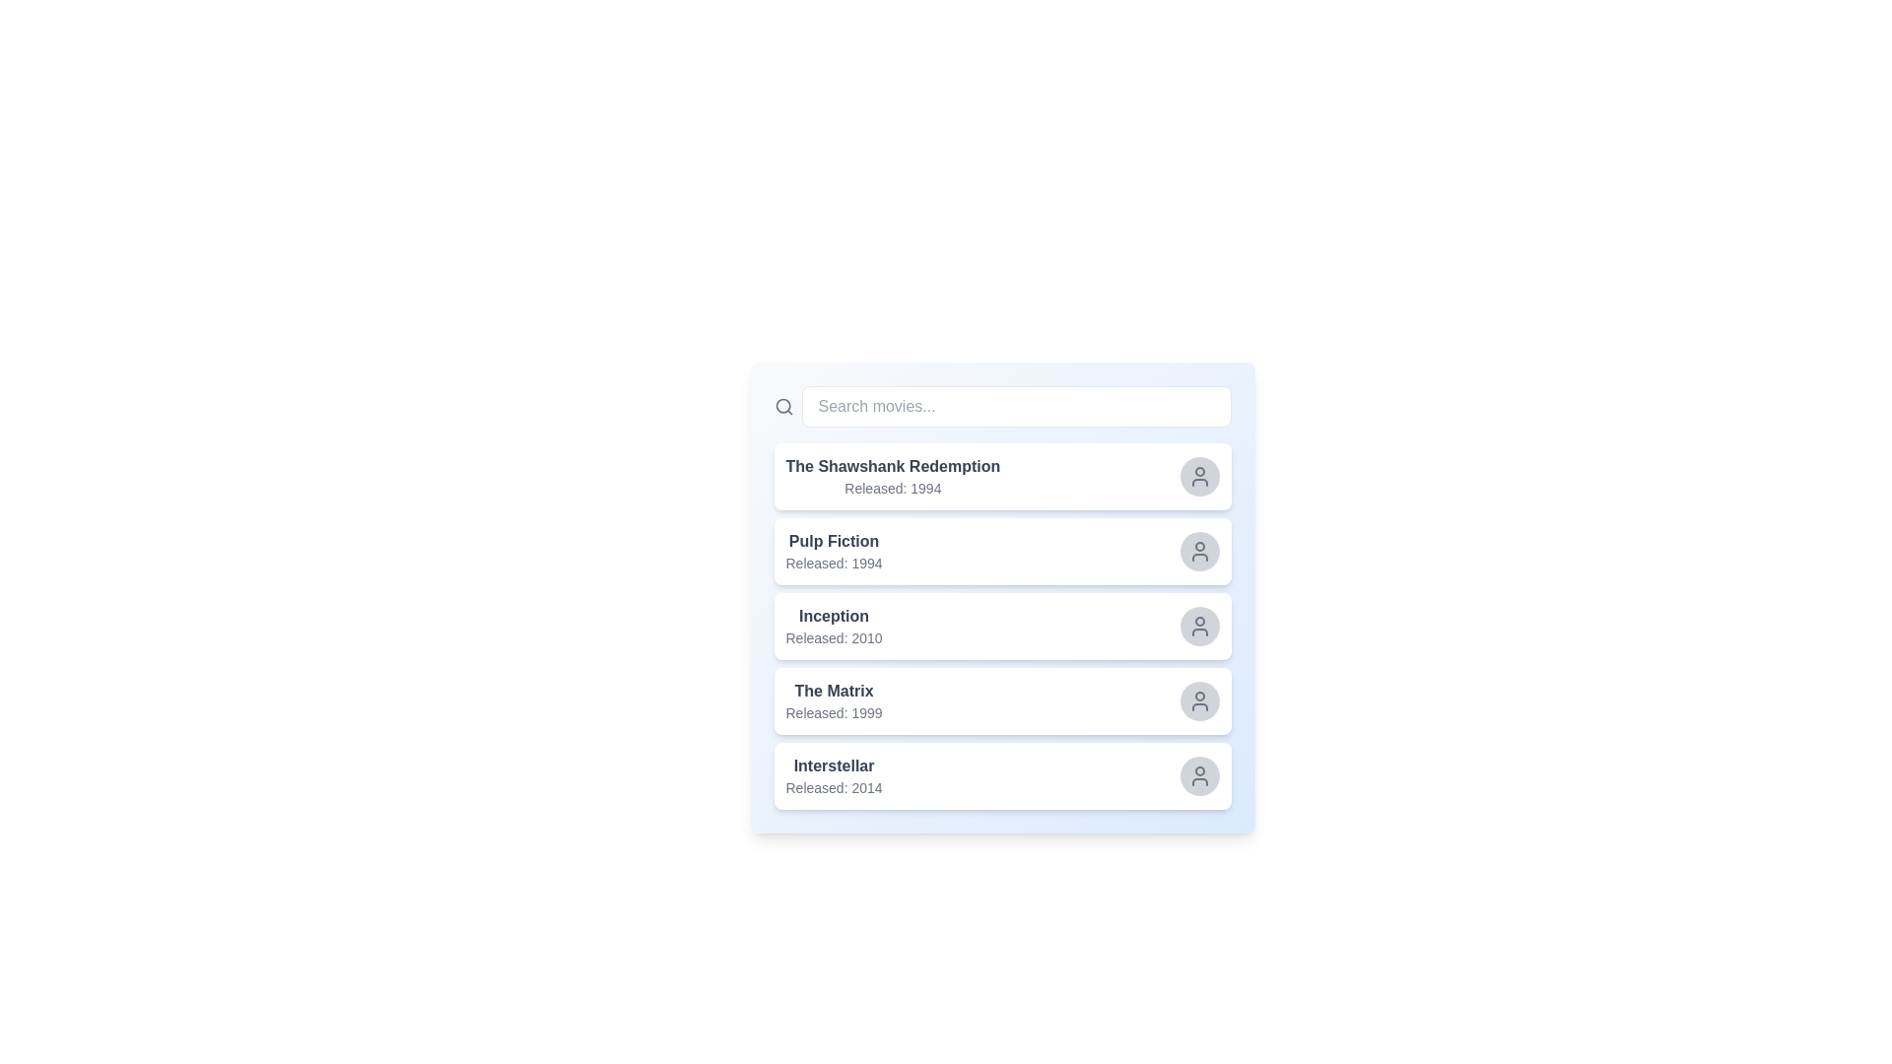 Image resolution: width=1892 pixels, height=1064 pixels. I want to click on text label 'Interstellar' which is styled in bold dark gray against a white background, located in the fifth entry of a vertical list above the release year 'Released: 2014', so click(834, 765).